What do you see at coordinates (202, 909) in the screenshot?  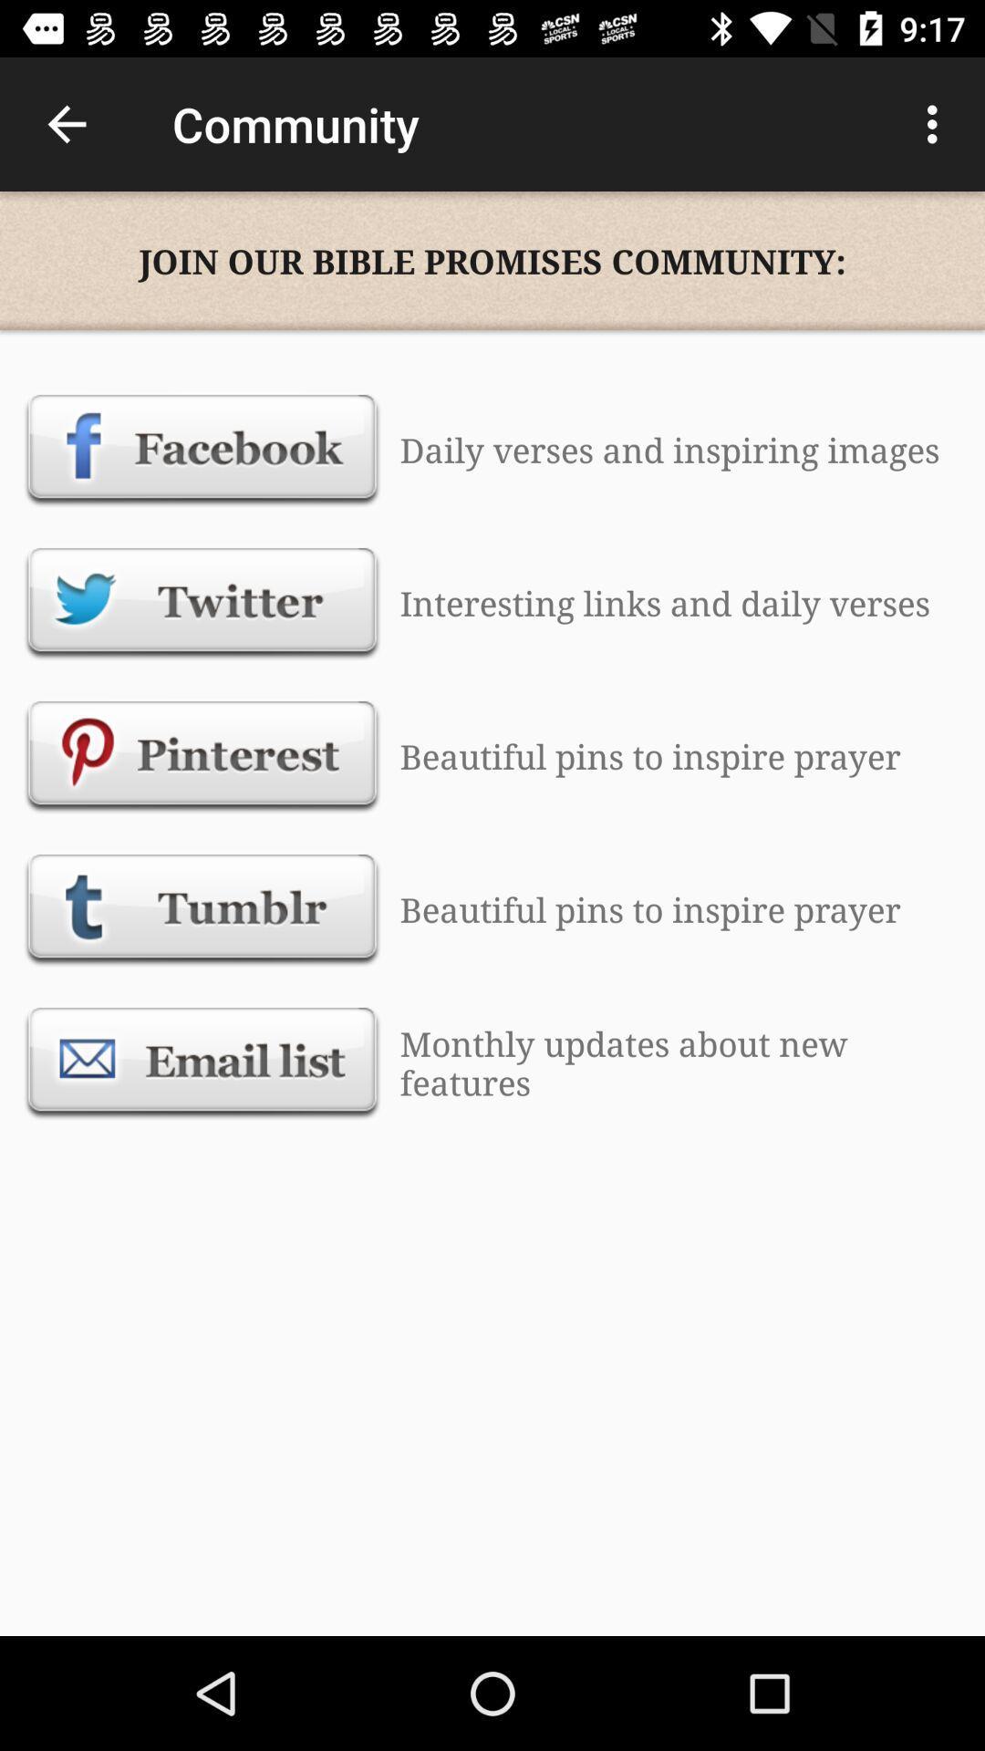 I see `tumblr` at bounding box center [202, 909].